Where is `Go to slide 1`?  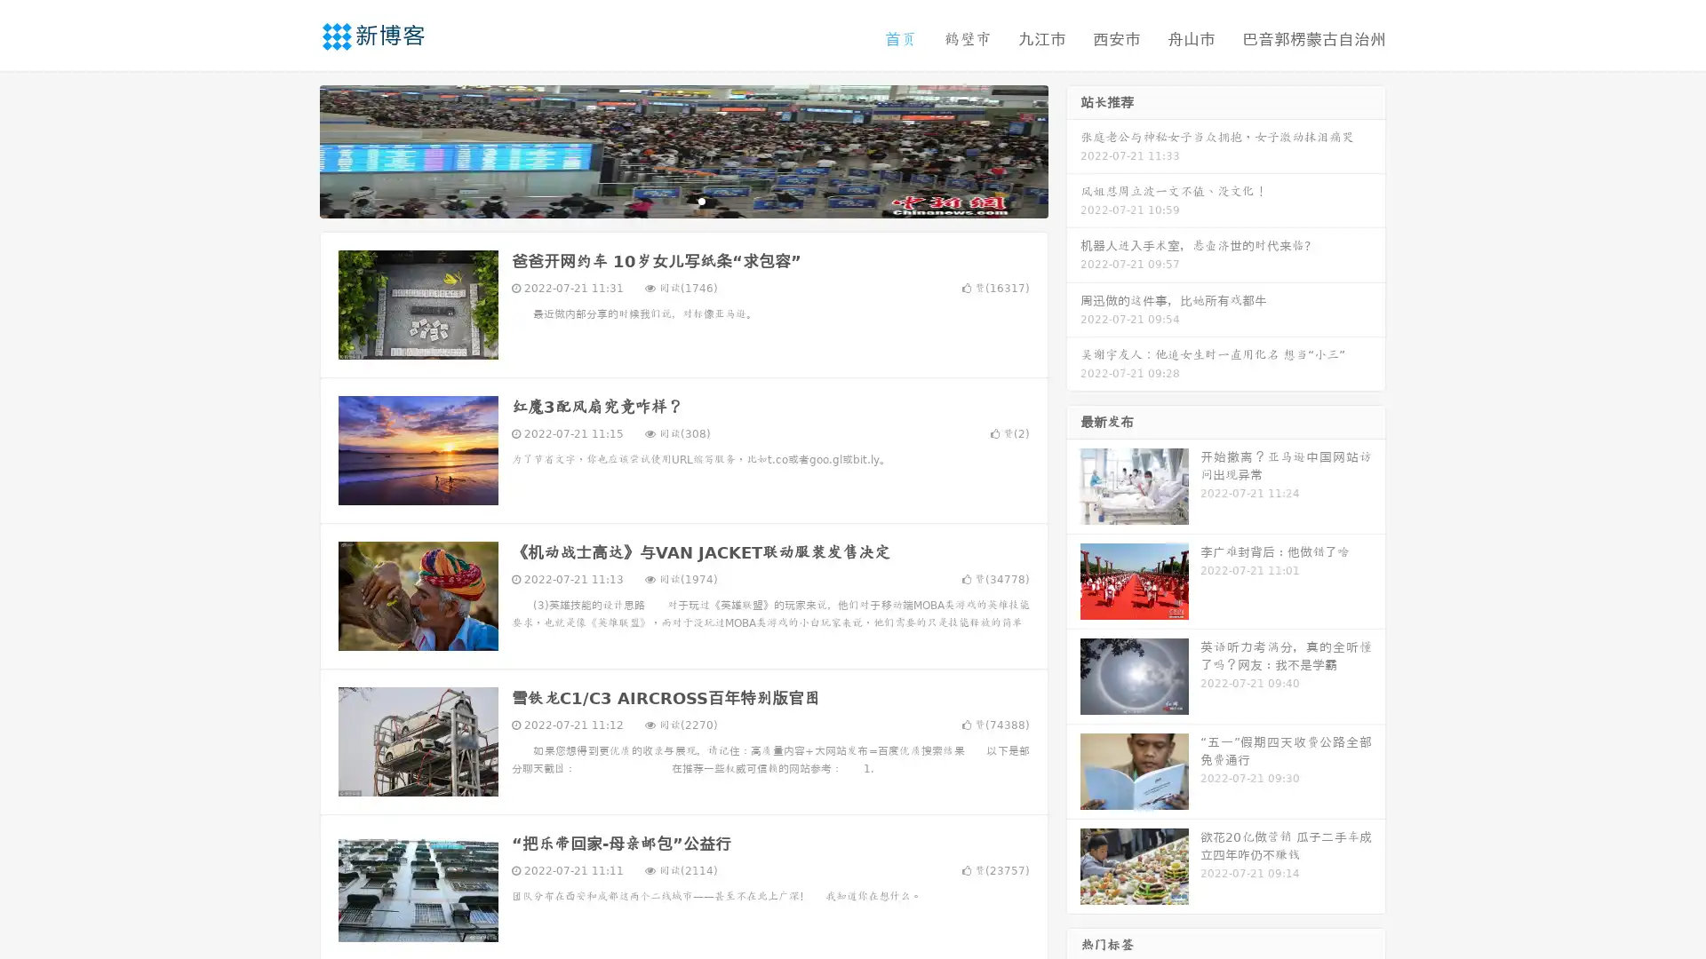
Go to slide 1 is located at coordinates (665, 200).